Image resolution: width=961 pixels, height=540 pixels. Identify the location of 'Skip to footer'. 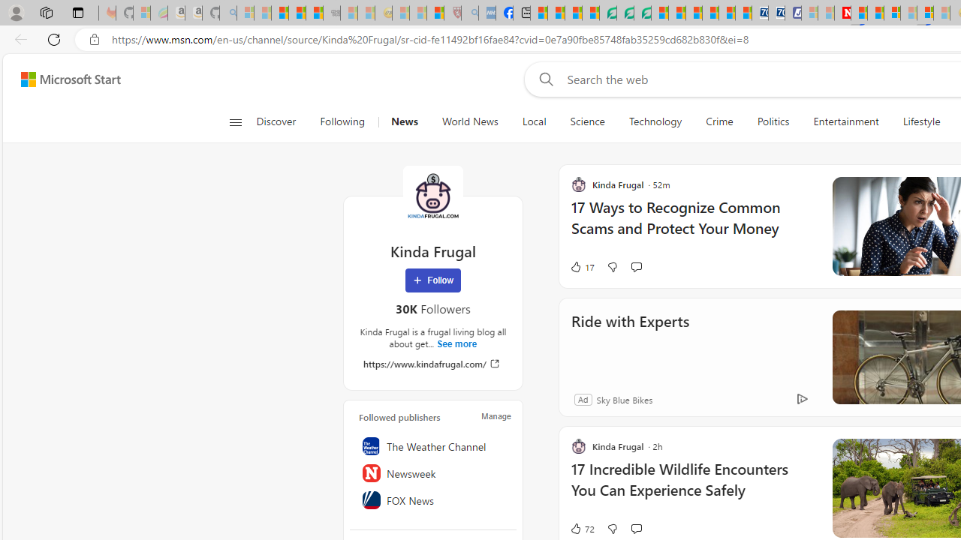
(61, 79).